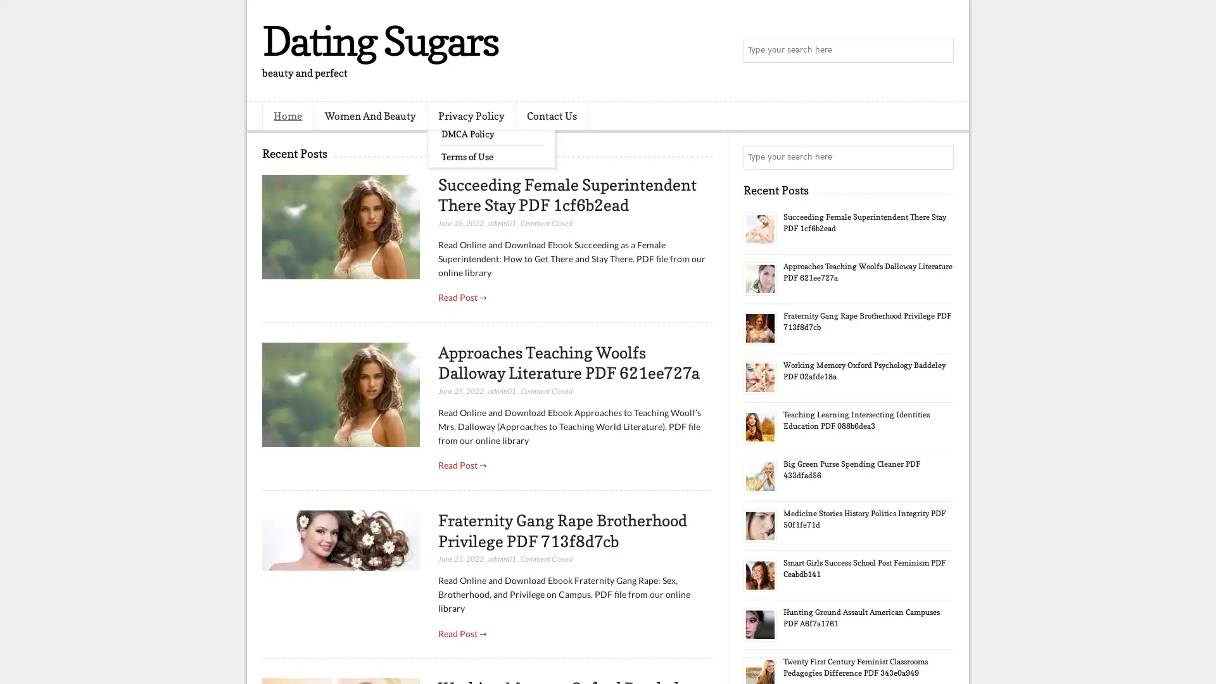 Image resolution: width=1216 pixels, height=684 pixels. Describe the element at coordinates (940, 51) in the screenshot. I see `Search` at that location.